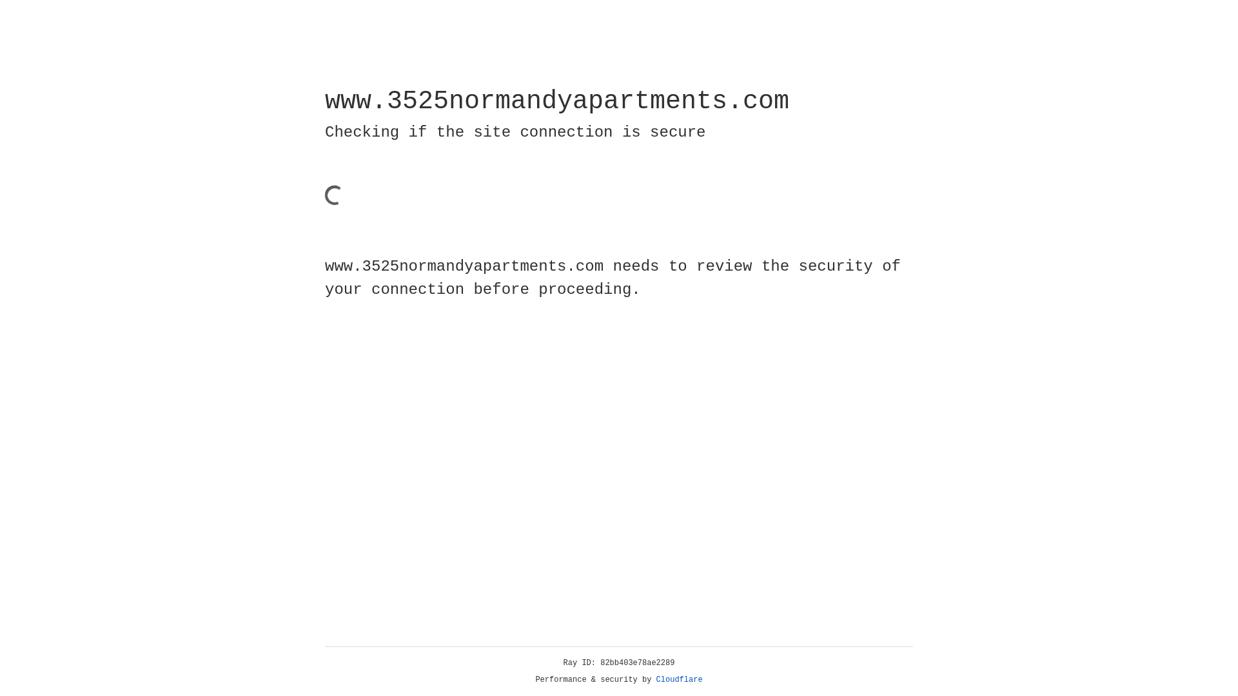  What do you see at coordinates (679, 679) in the screenshot?
I see `'Cloudflare'` at bounding box center [679, 679].